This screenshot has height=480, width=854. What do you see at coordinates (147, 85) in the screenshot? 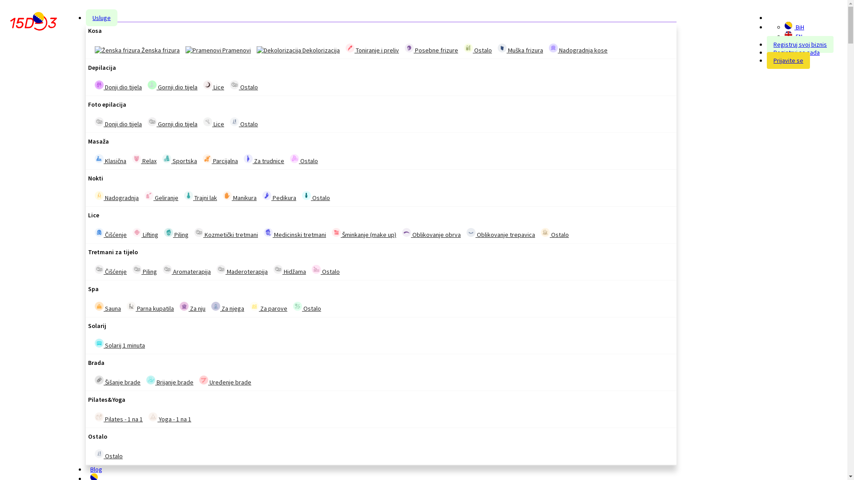
I see `'Gornji dio tijela'` at bounding box center [147, 85].